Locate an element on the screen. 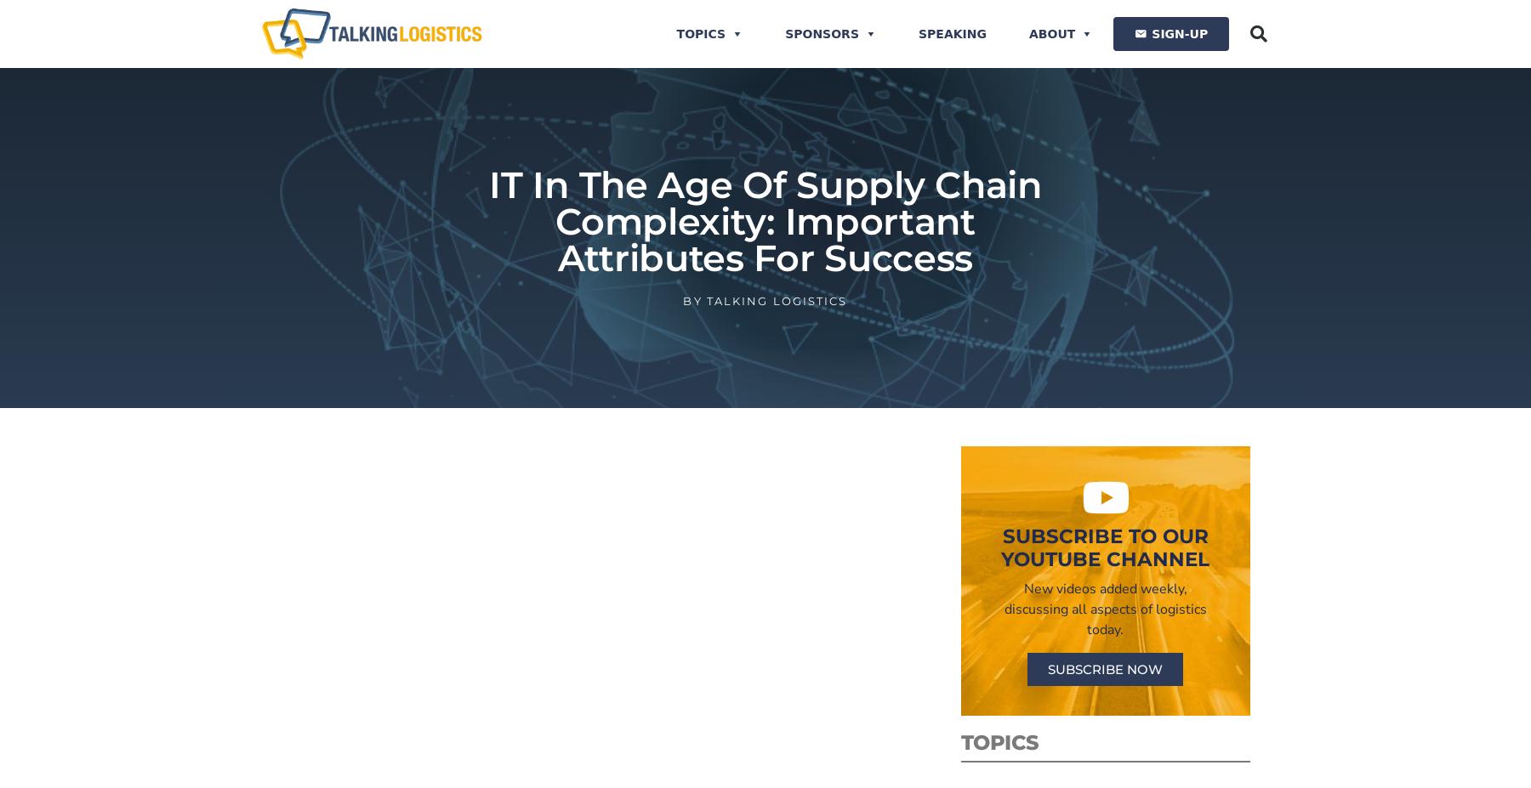 The height and width of the screenshot is (788, 1531). 'Talking Logistics' is located at coordinates (773, 299).